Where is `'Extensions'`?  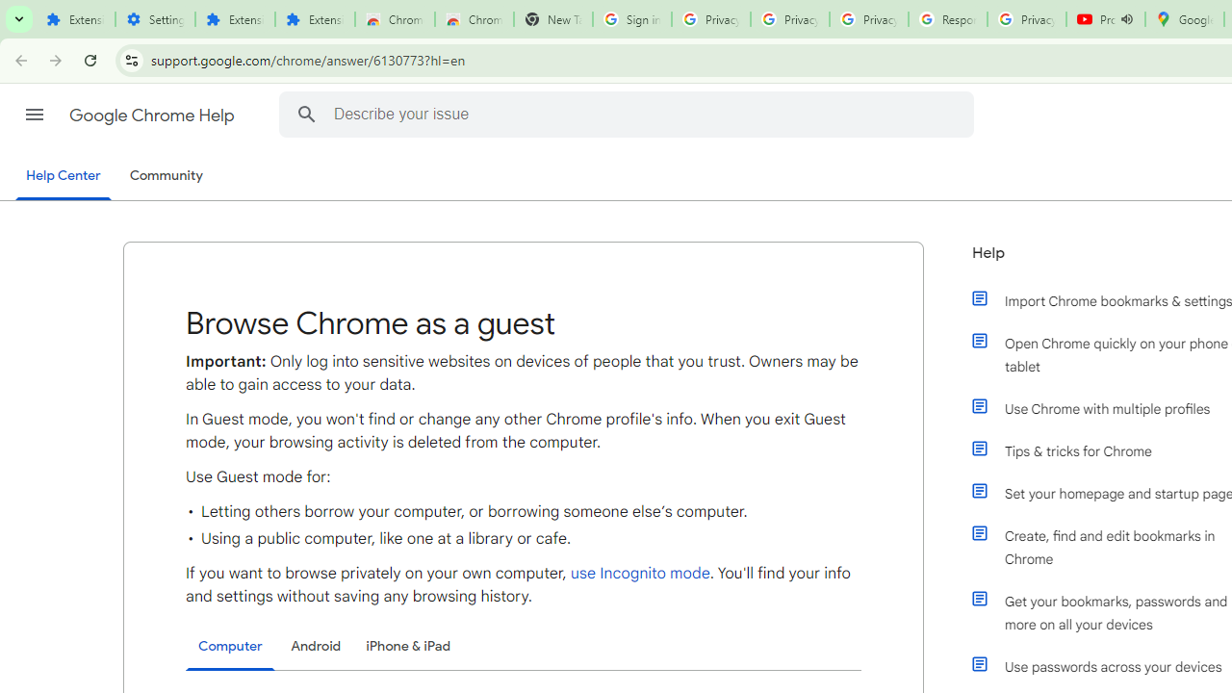
'Extensions' is located at coordinates (315, 19).